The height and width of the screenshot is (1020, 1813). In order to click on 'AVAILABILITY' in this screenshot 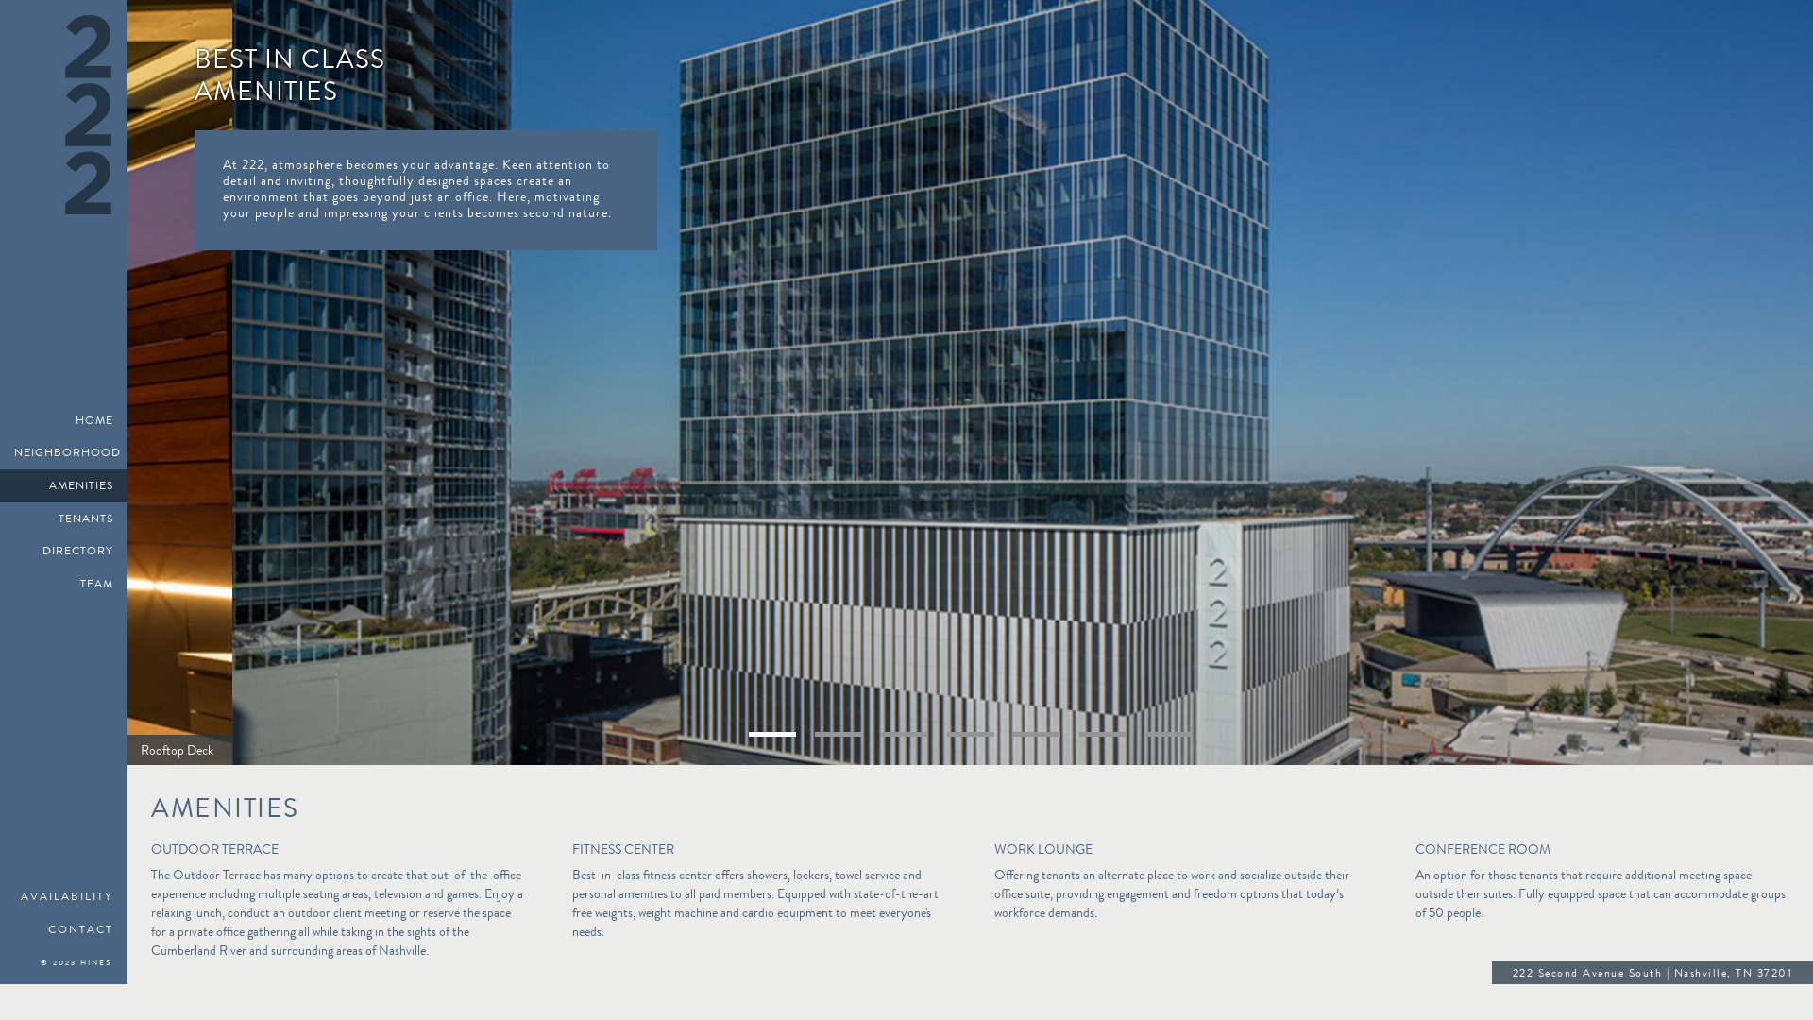, I will do `click(63, 895)`.